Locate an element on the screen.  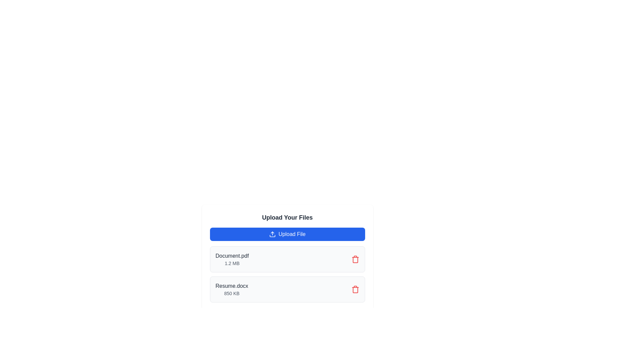
the static text element displaying 'Resume.docx', which is styled in medium-sized bold dark gray font and is positioned above '850 KB' in the vertical file list is located at coordinates (232, 286).